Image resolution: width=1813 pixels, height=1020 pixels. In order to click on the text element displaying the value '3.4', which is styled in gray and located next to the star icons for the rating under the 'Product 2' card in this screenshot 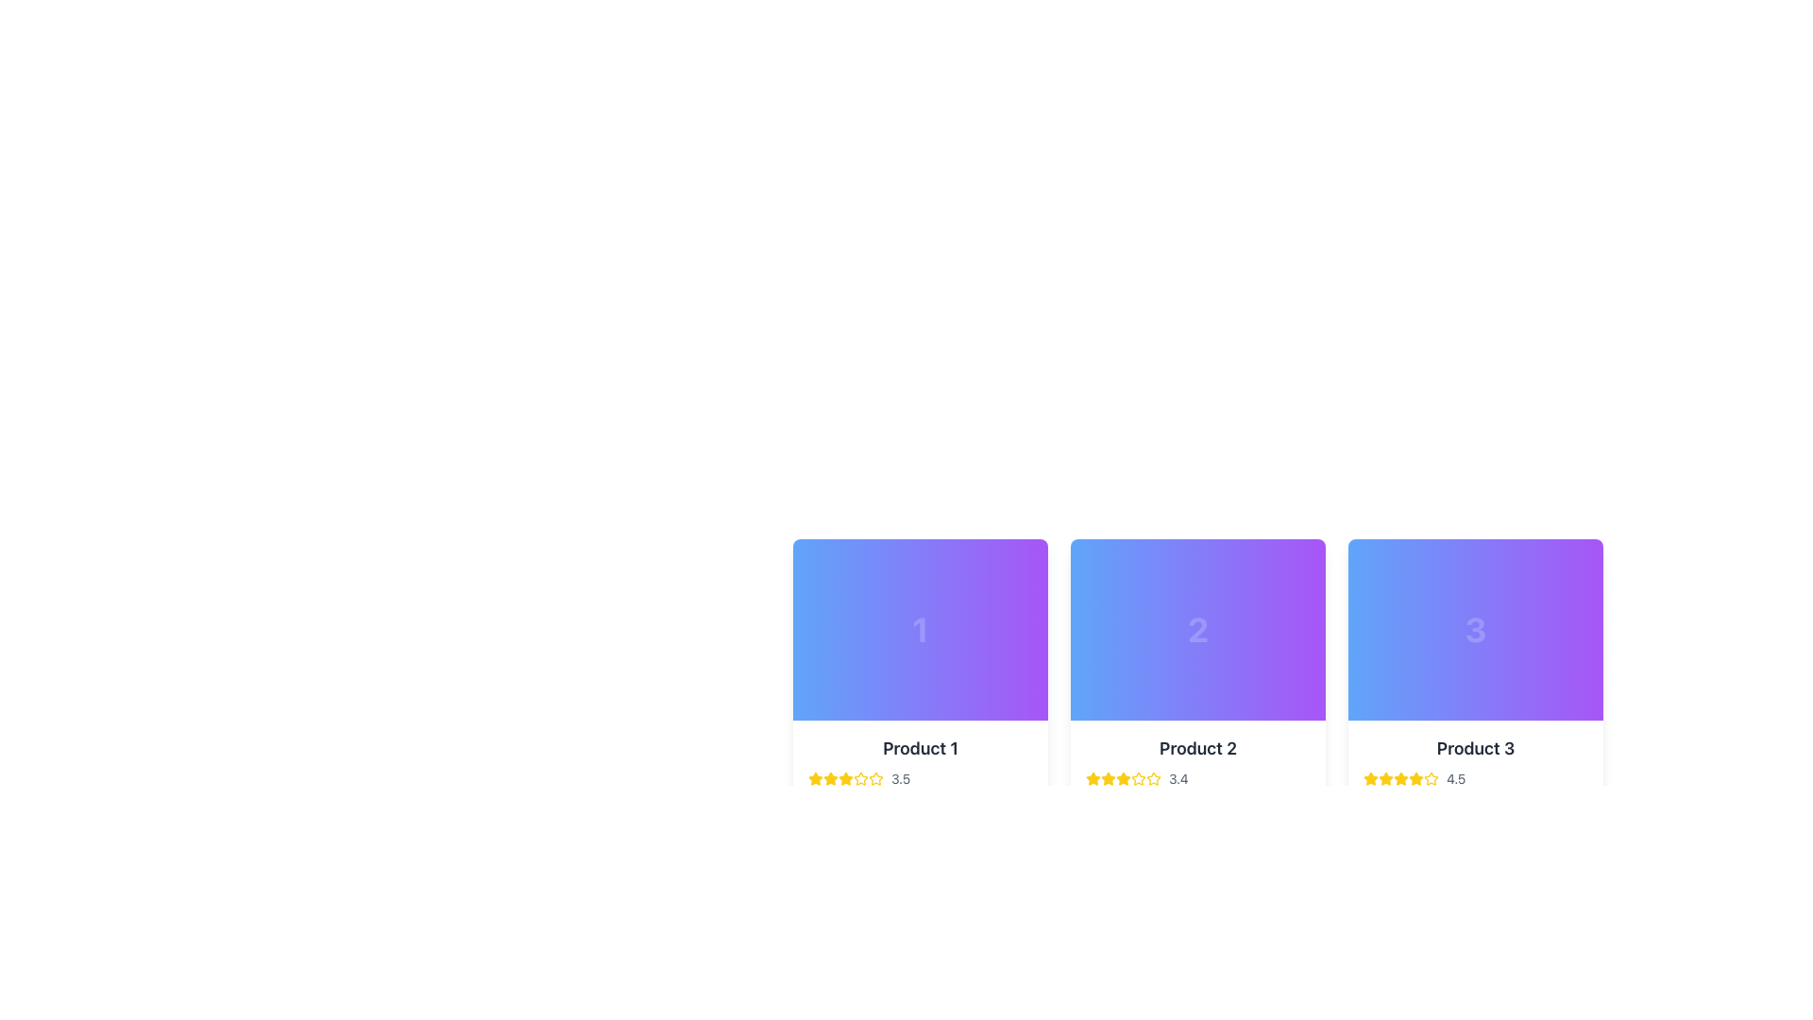, I will do `click(1178, 779)`.